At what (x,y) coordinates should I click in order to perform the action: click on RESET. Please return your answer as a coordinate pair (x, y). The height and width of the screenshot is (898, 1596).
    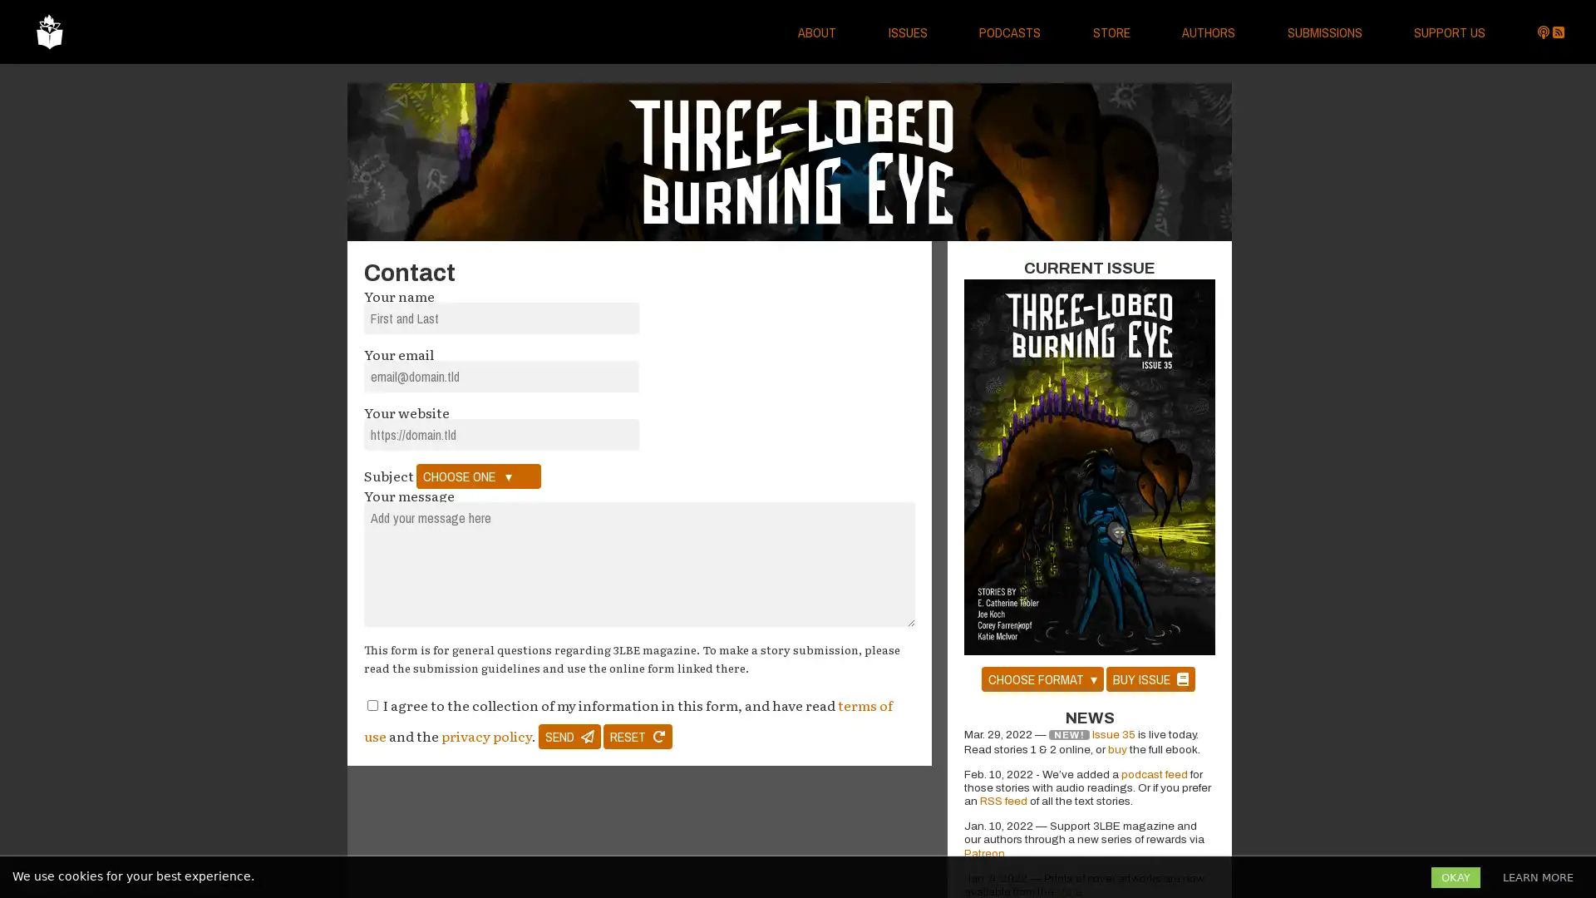
    Looking at the image, I should click on (637, 736).